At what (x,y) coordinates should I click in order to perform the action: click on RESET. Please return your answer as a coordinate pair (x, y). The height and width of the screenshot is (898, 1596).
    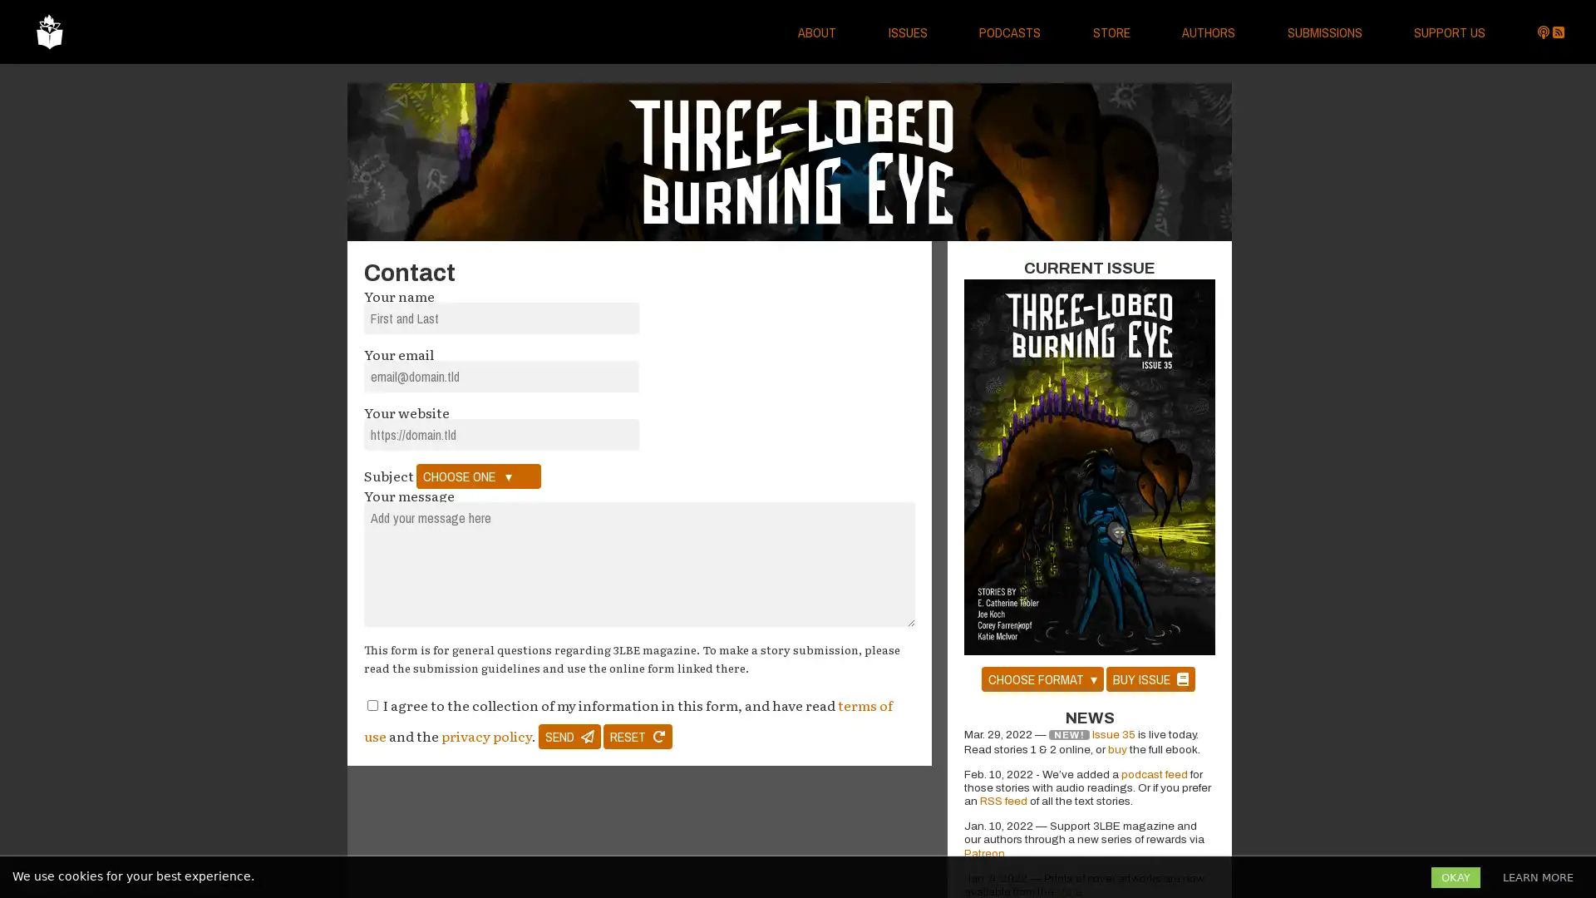
    Looking at the image, I should click on (637, 736).